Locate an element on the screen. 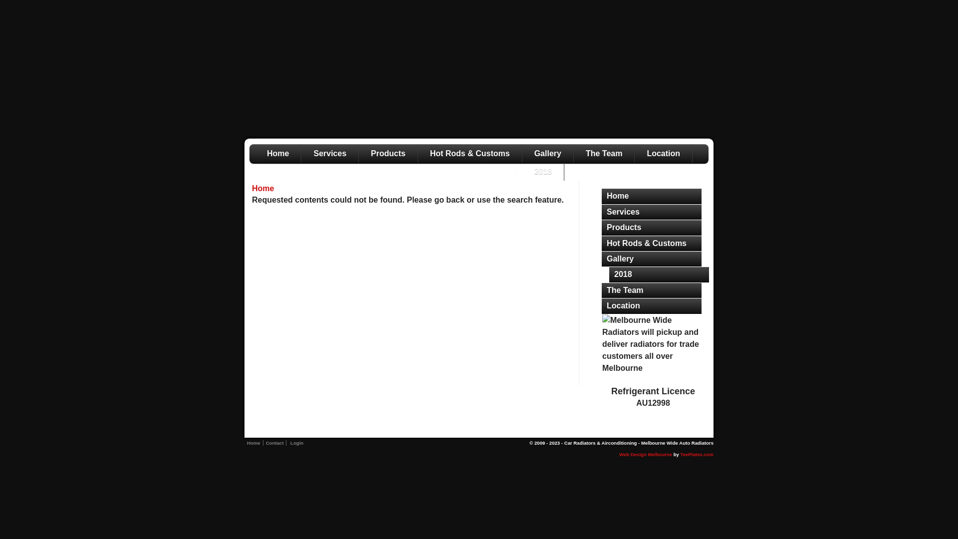 This screenshot has width=958, height=539. 'Login' is located at coordinates (296, 442).